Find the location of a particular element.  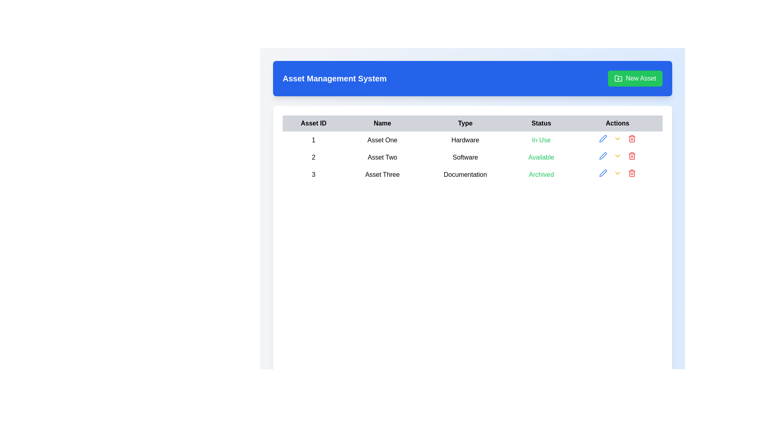

the chevron icon button located in the Actions column of the first row in the table is located at coordinates (617, 138).